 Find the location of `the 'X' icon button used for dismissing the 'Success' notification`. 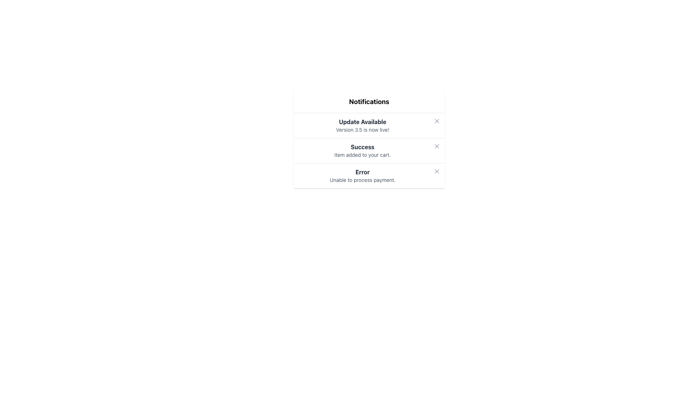

the 'X' icon button used for dismissing the 'Success' notification is located at coordinates (436, 146).